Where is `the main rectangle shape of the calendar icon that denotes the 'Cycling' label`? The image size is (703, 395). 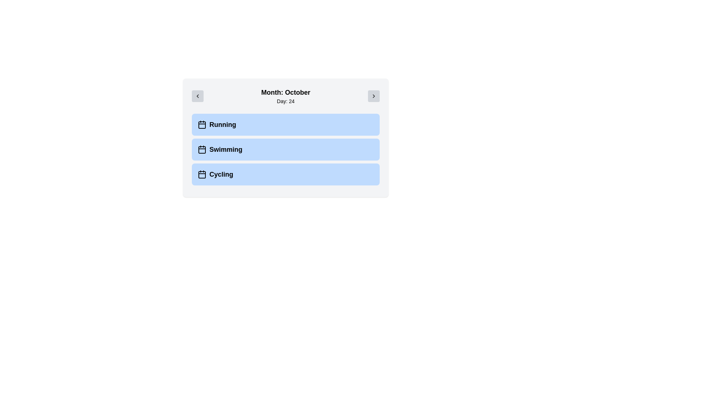
the main rectangle shape of the calendar icon that denotes the 'Cycling' label is located at coordinates (202, 175).